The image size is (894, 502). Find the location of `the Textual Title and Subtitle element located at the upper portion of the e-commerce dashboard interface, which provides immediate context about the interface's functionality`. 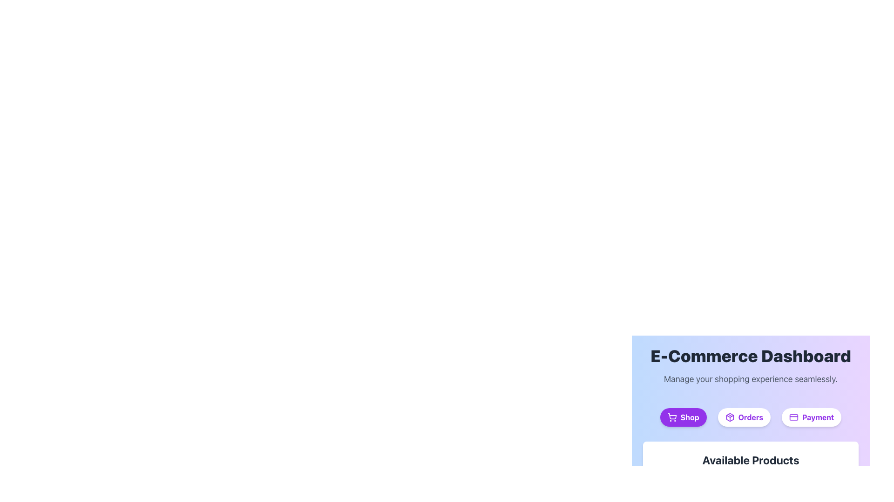

the Textual Title and Subtitle element located at the upper portion of the e-commerce dashboard interface, which provides immediate context about the interface's functionality is located at coordinates (751, 365).